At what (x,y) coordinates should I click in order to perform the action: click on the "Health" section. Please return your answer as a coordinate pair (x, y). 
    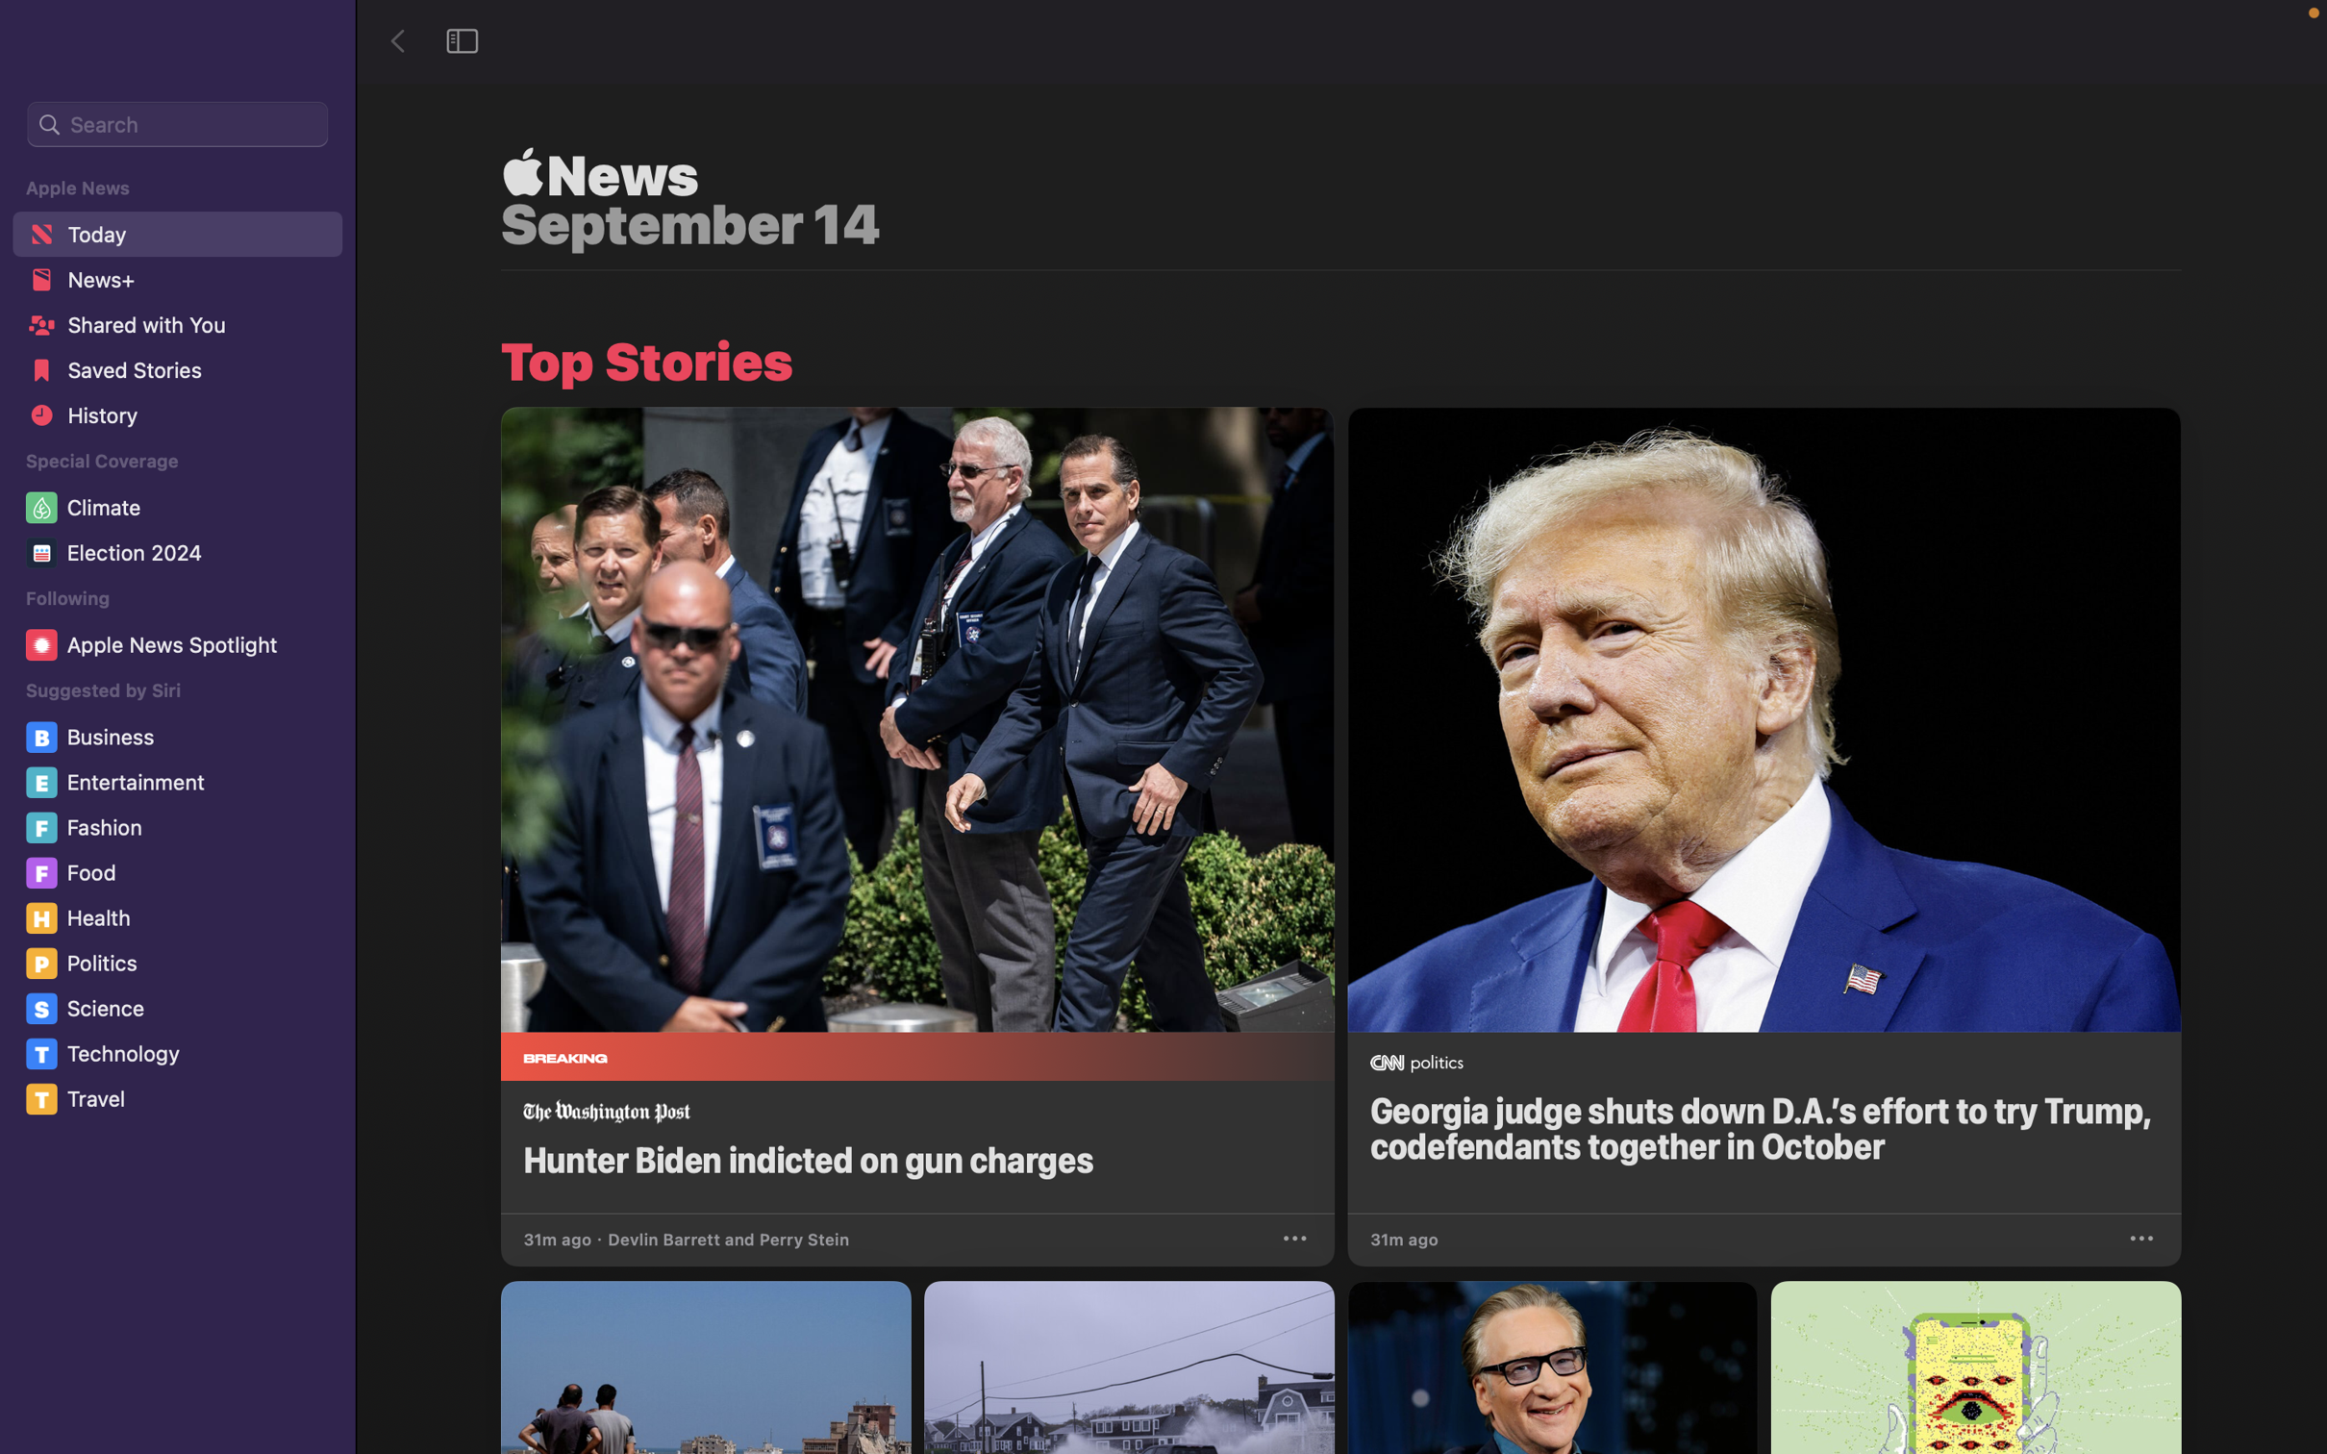
    Looking at the image, I should click on (182, 916).